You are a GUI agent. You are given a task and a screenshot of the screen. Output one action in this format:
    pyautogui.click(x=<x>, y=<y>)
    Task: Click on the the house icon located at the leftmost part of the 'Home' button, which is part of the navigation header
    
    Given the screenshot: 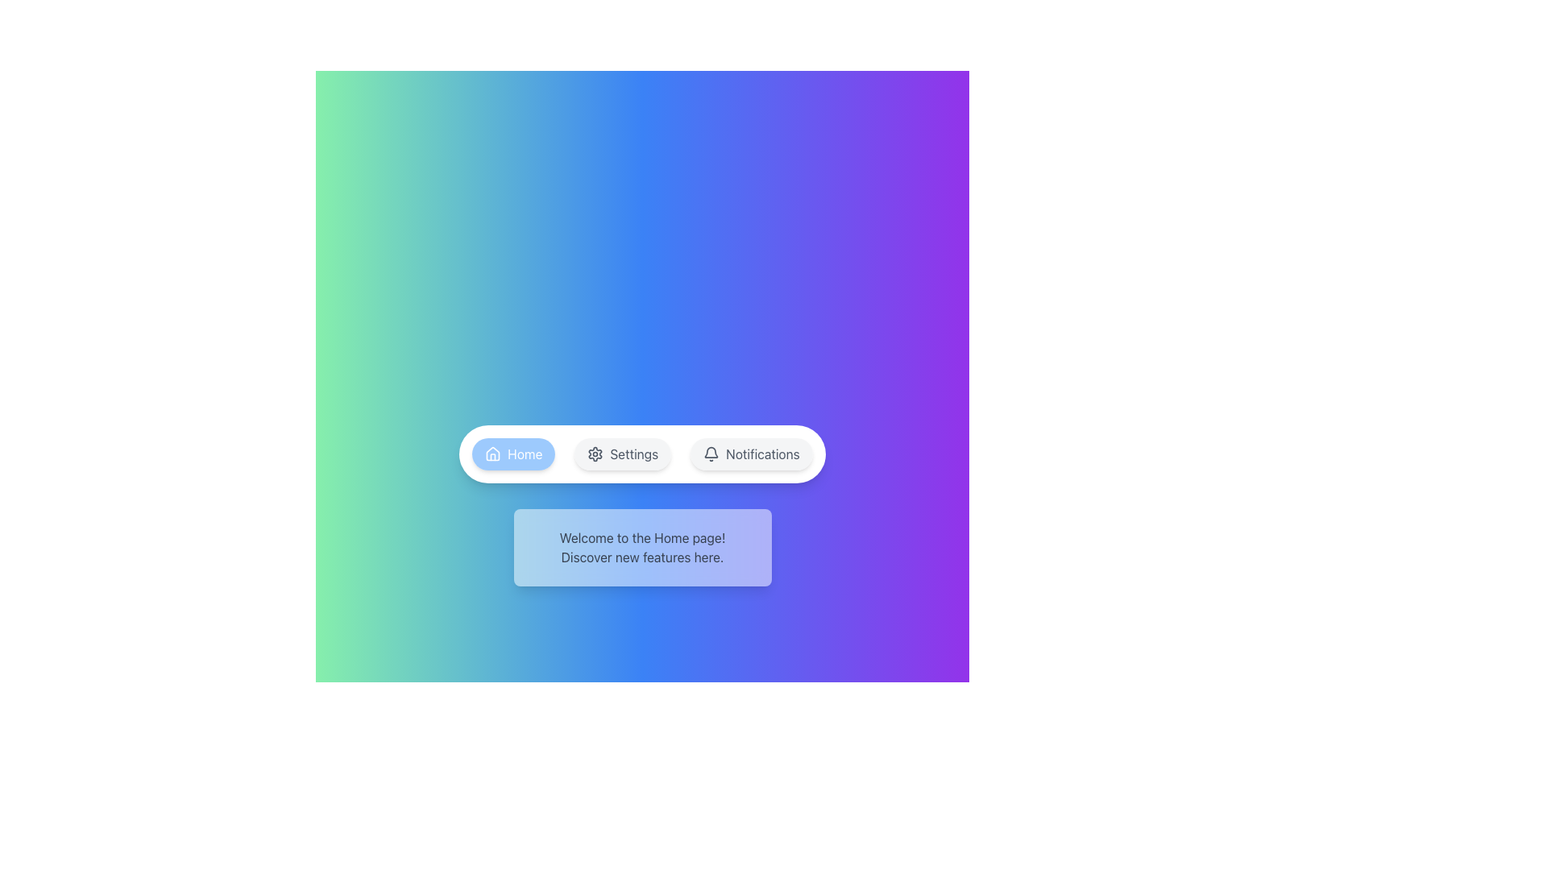 What is the action you would take?
    pyautogui.click(x=492, y=454)
    